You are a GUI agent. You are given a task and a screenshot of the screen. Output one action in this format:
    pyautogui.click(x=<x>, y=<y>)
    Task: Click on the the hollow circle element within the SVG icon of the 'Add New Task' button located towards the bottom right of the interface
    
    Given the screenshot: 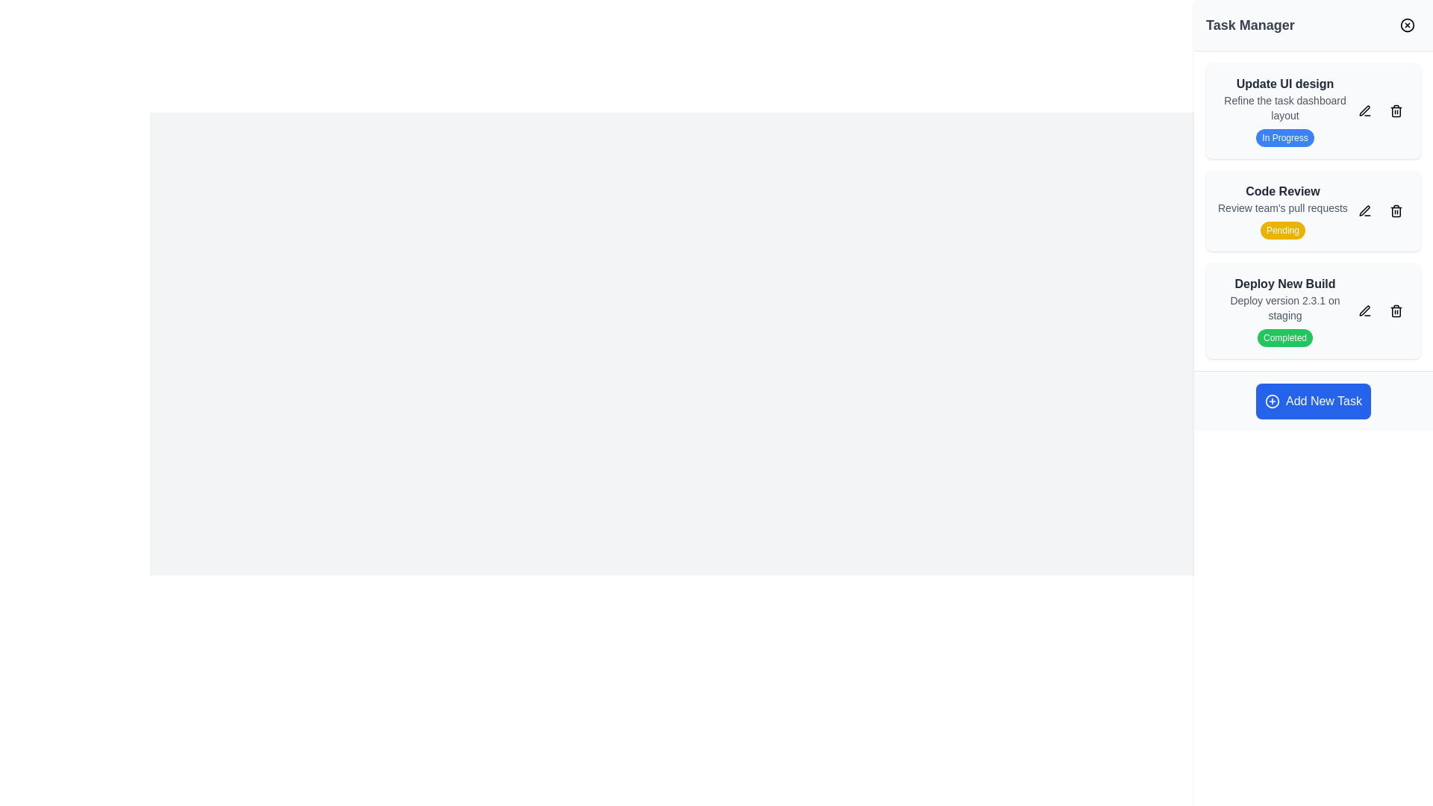 What is the action you would take?
    pyautogui.click(x=1271, y=400)
    